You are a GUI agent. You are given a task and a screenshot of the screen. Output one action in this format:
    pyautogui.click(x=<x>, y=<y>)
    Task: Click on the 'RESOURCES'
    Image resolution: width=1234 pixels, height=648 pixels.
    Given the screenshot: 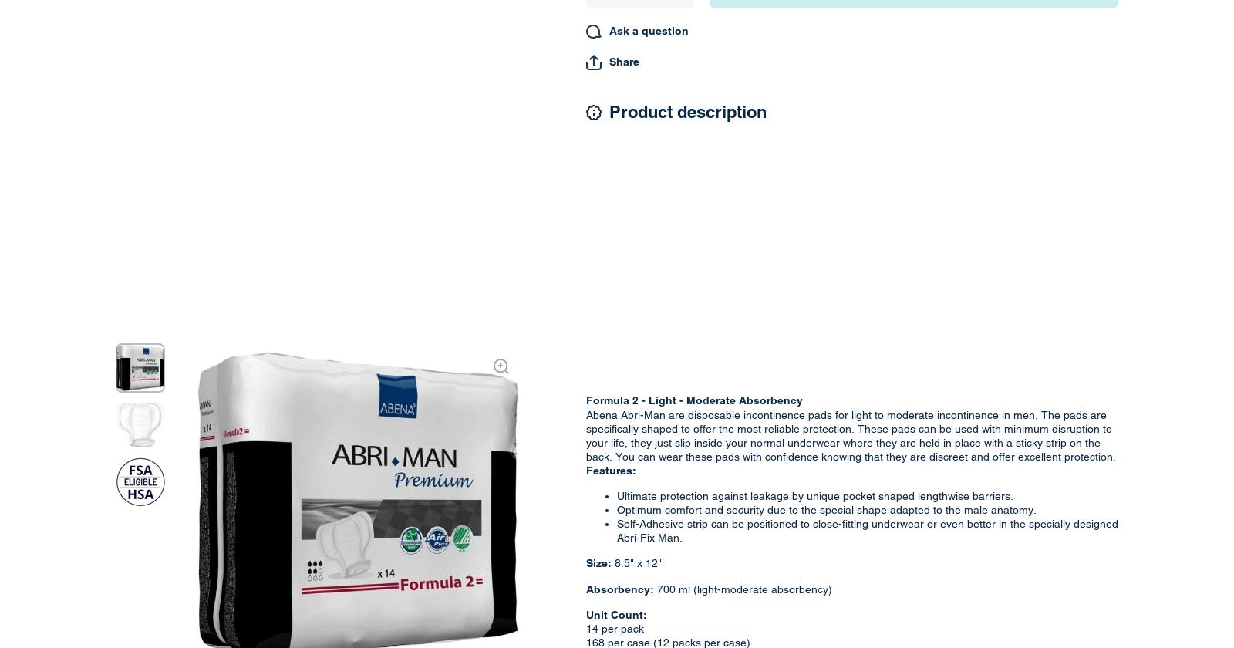 What is the action you would take?
    pyautogui.click(x=952, y=247)
    